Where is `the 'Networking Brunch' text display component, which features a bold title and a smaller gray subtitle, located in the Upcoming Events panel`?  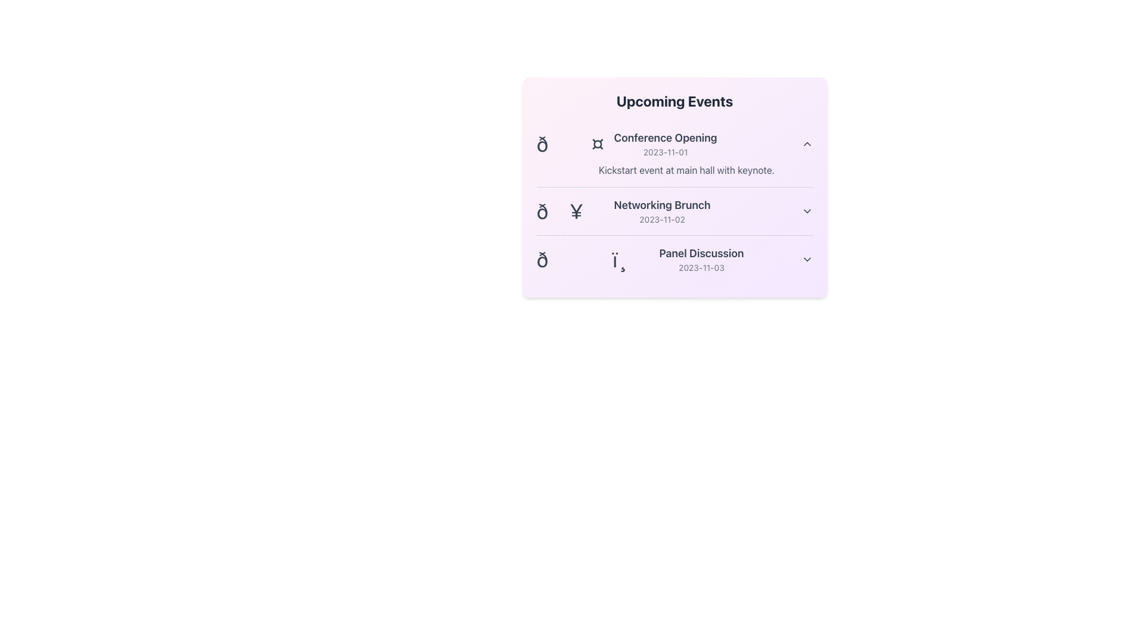 the 'Networking Brunch' text display component, which features a bold title and a smaller gray subtitle, located in the Upcoming Events panel is located at coordinates (661, 210).